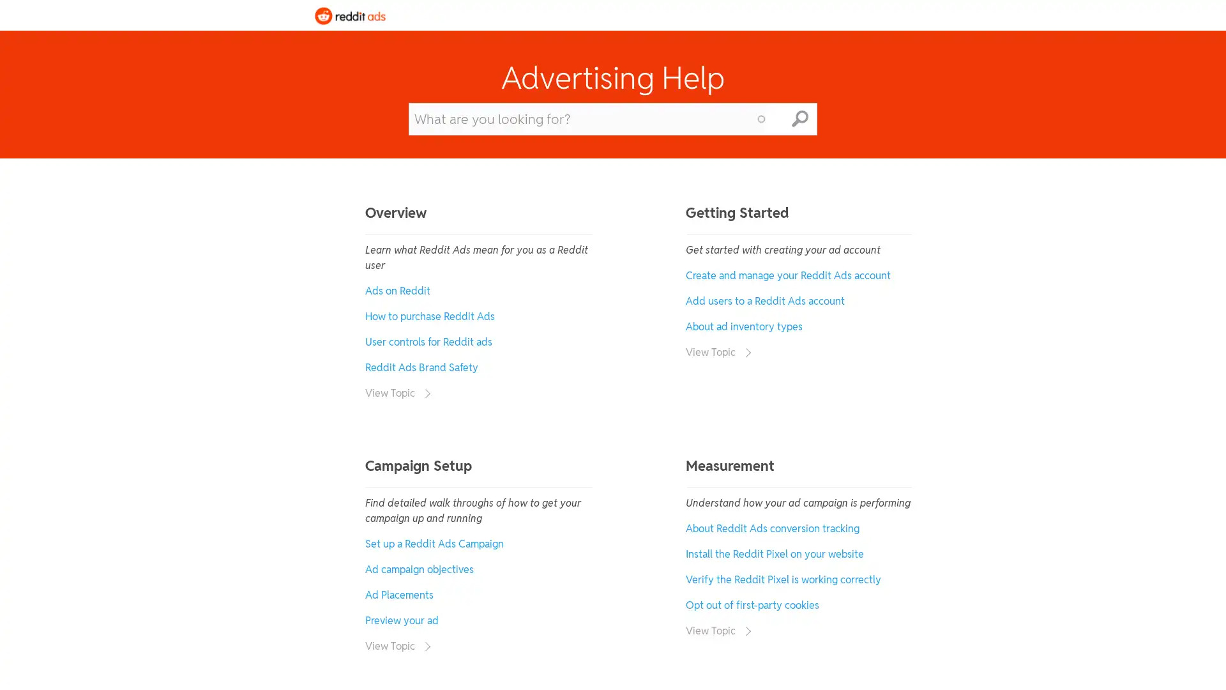 This screenshot has height=690, width=1226. I want to click on SEARCH, so click(799, 118).